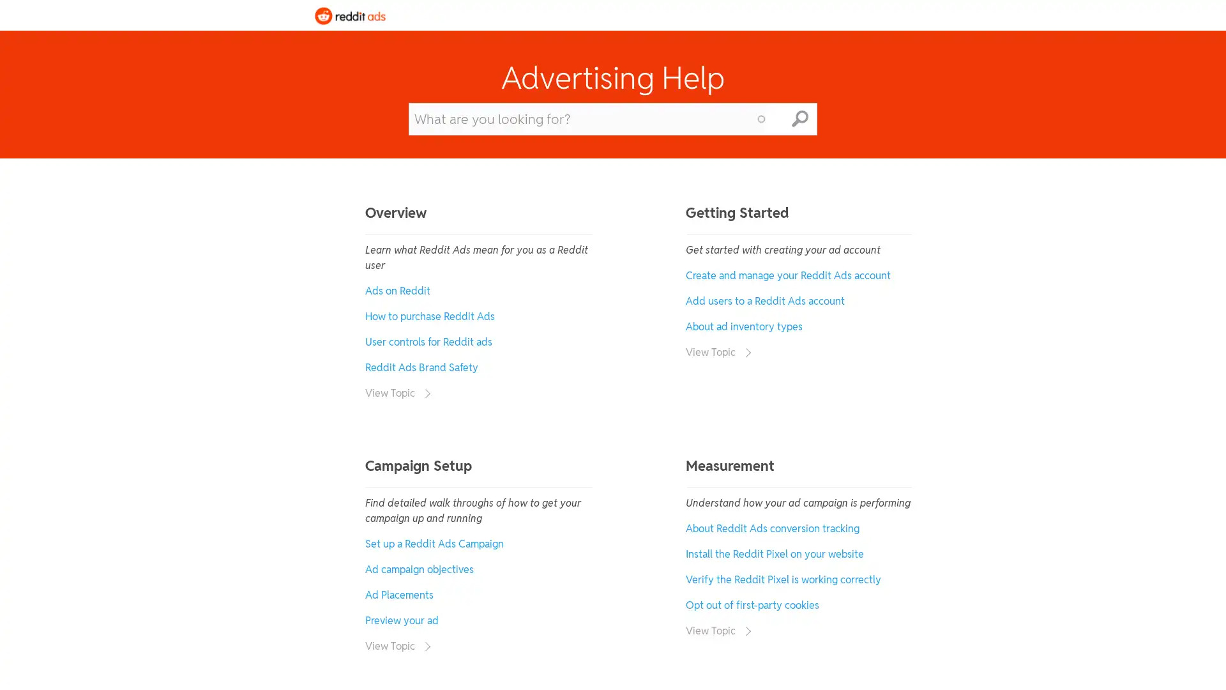 This screenshot has height=690, width=1226. I want to click on SEARCH, so click(799, 118).